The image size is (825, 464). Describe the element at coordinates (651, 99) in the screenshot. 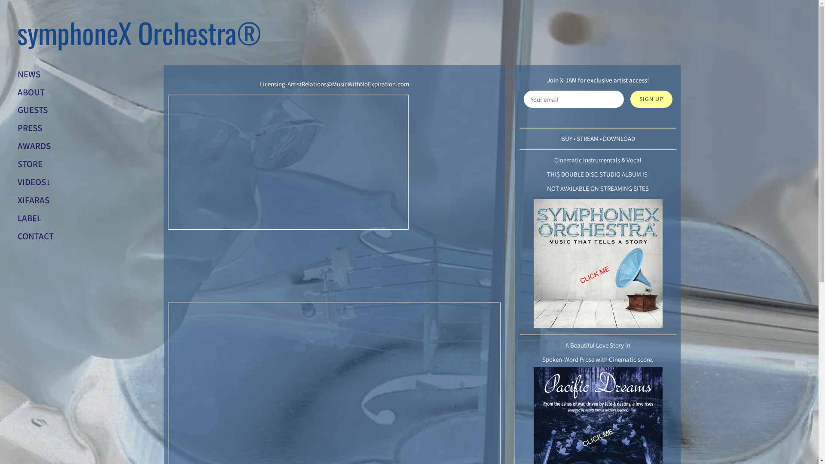

I see `'SIGN UP'` at that location.